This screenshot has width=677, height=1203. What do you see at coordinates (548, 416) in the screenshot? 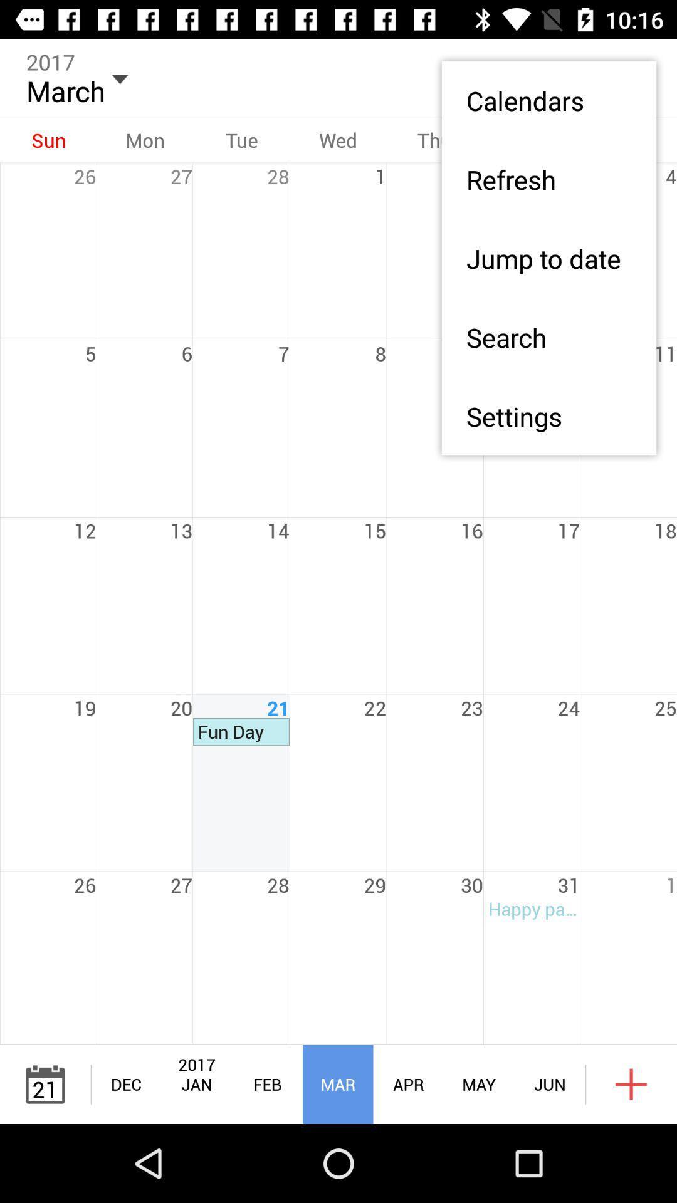
I see `settings item` at bounding box center [548, 416].